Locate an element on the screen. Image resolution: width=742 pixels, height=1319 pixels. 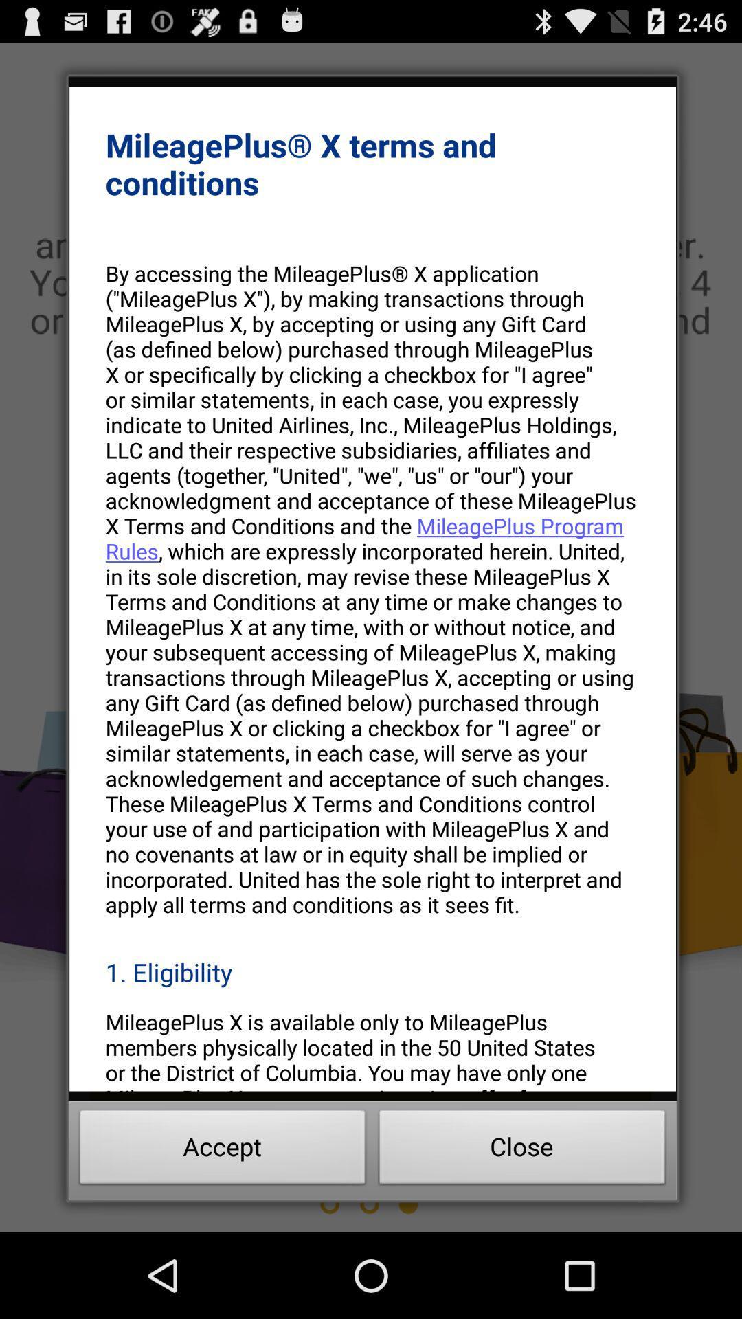
the icon below mileageplus x is is located at coordinates (522, 1151).